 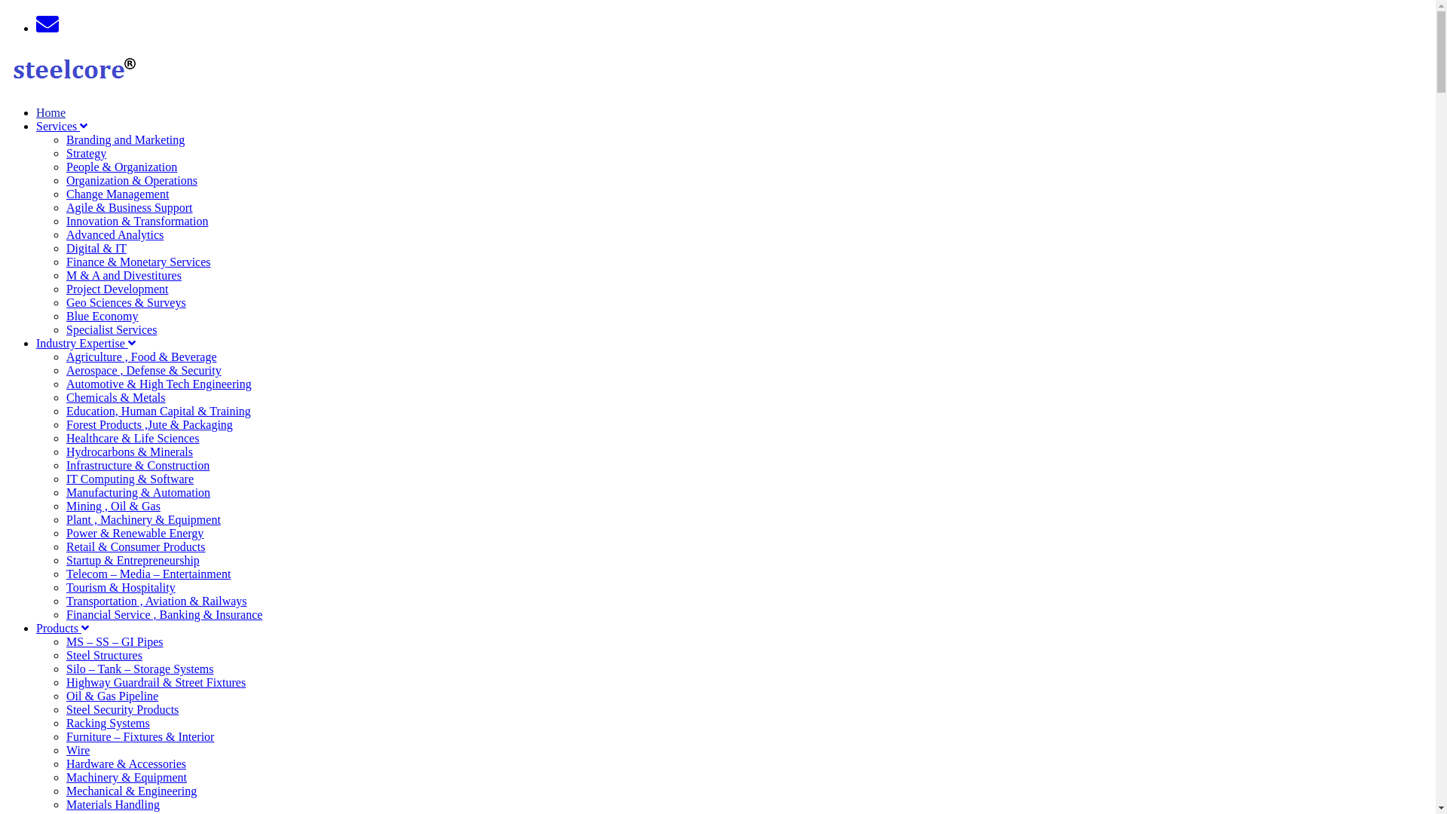 What do you see at coordinates (137, 464) in the screenshot?
I see `'Infrastructure & Construction'` at bounding box center [137, 464].